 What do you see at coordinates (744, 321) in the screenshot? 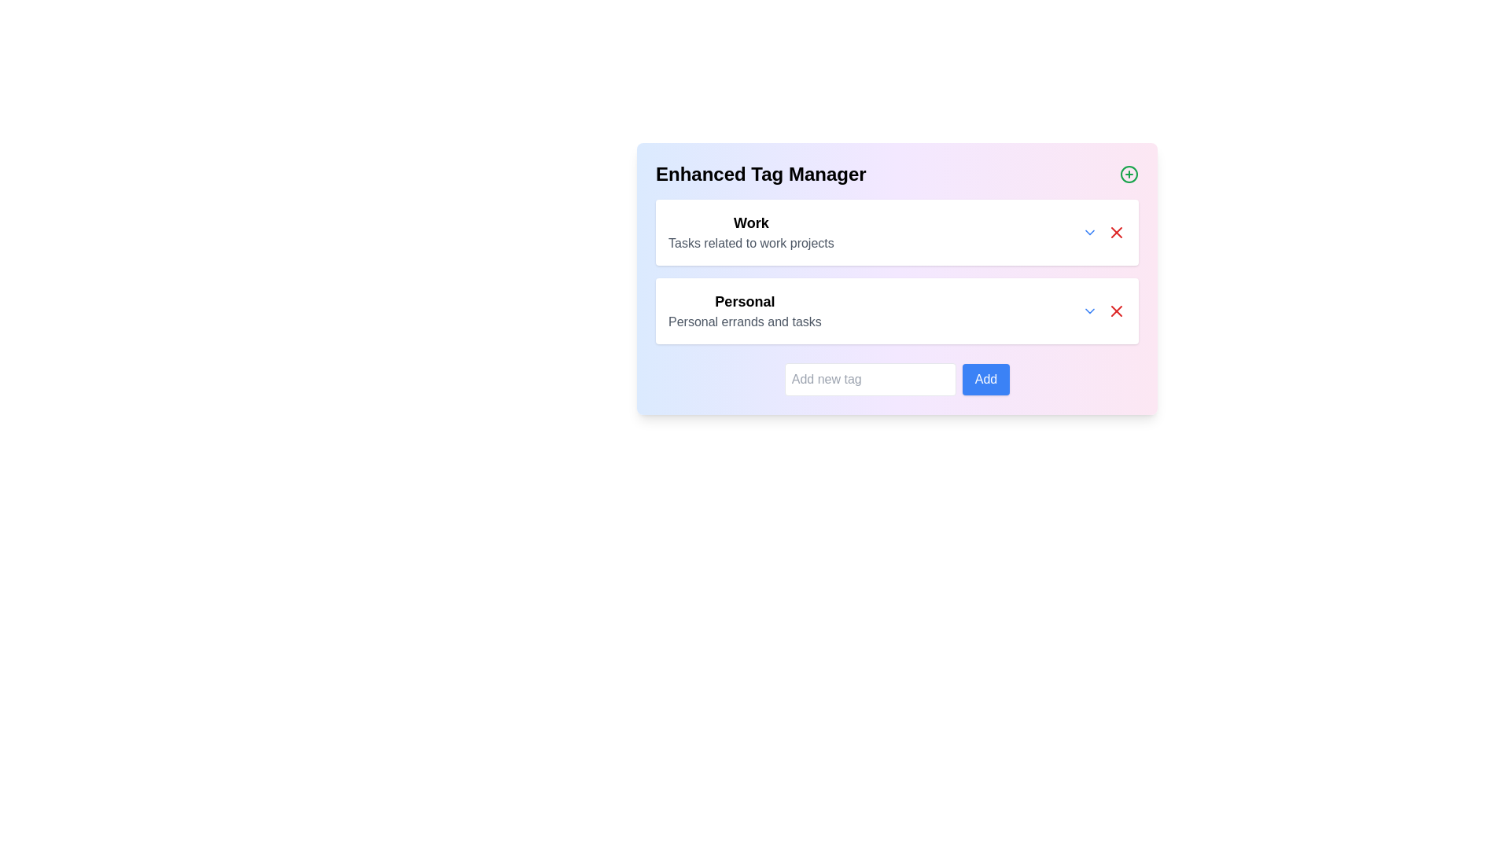
I see `the text label displaying 'Personal errands and tasks' in gray, which is located below the header 'Personal' in the second section of the interface` at bounding box center [744, 321].